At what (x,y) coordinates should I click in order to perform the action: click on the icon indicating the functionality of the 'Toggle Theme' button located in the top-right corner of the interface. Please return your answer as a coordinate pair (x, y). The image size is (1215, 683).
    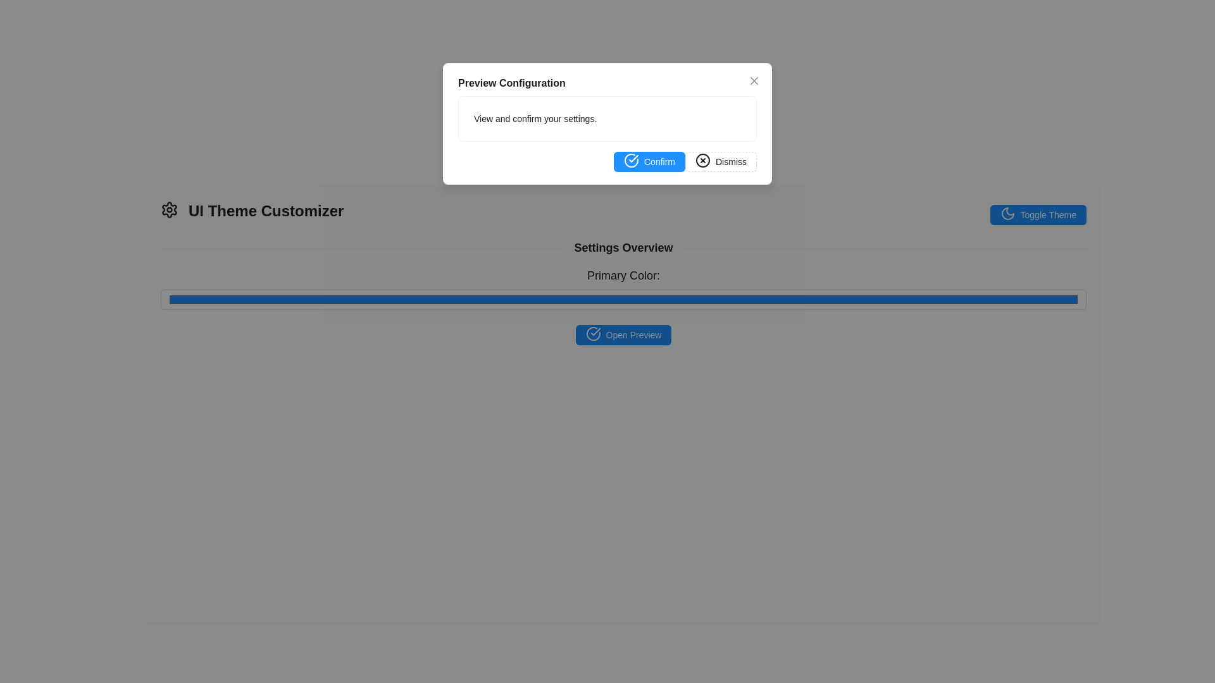
    Looking at the image, I should click on (1007, 214).